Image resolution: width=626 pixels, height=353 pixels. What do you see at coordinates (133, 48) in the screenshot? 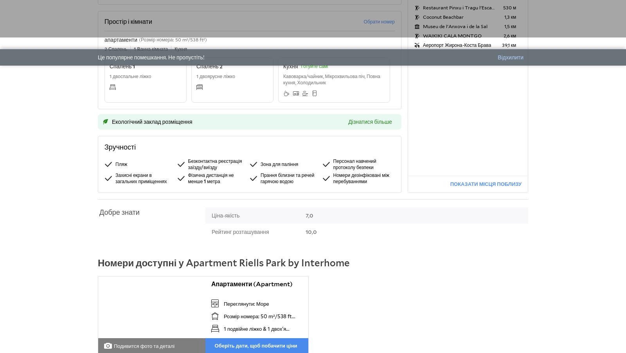
I see `'1 Ванна кімната'` at bounding box center [133, 48].